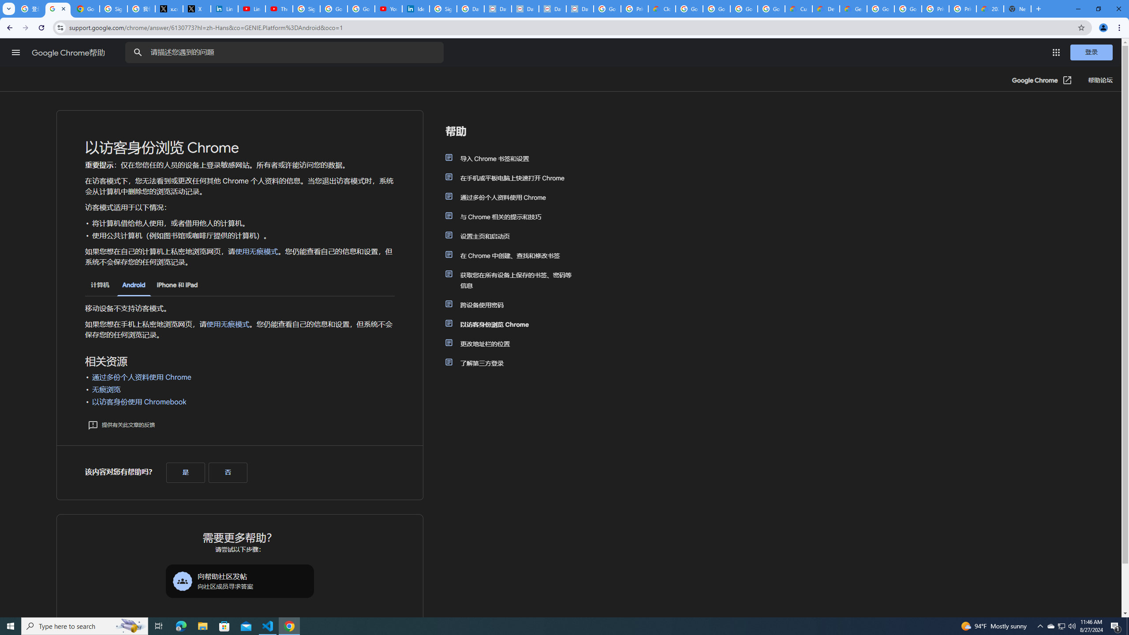 This screenshot has width=1129, height=635. I want to click on 'Data Privacy Framework', so click(552, 8).